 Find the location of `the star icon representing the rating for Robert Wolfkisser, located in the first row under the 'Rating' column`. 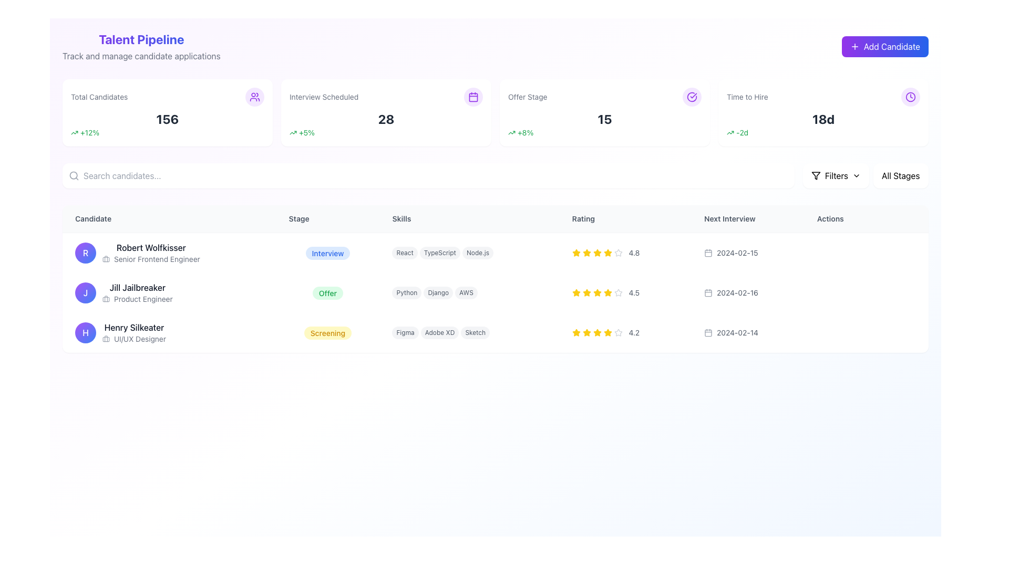

the star icon representing the rating for Robert Wolfkisser, located in the first row under the 'Rating' column is located at coordinates (597, 253).